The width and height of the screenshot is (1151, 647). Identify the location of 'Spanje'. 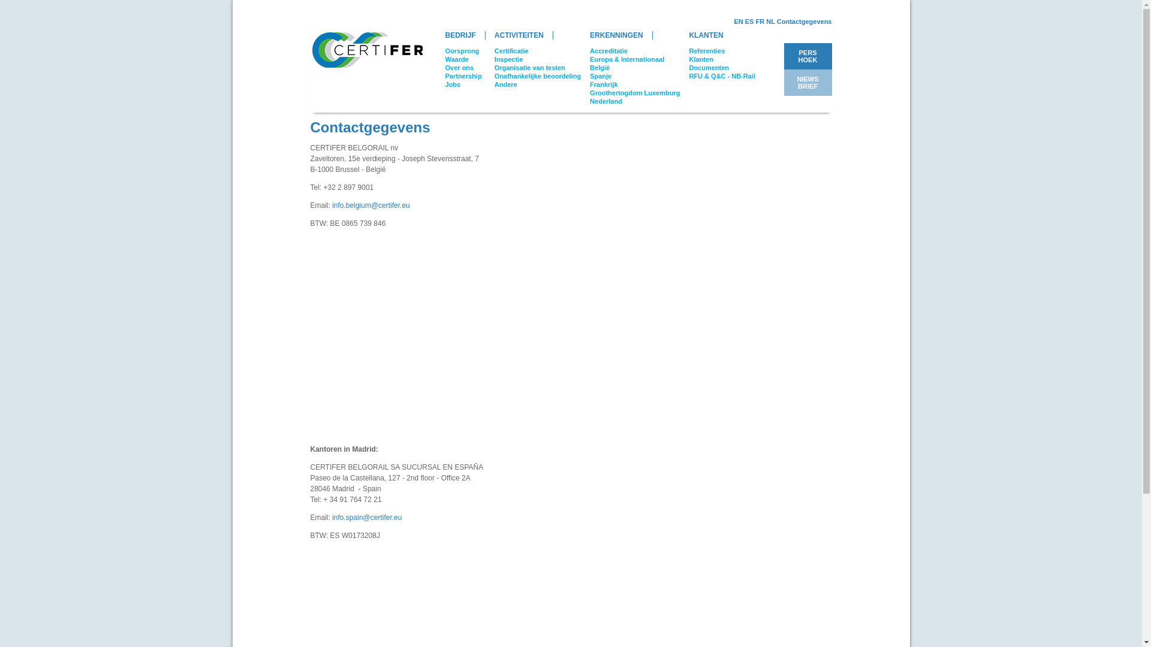
(601, 76).